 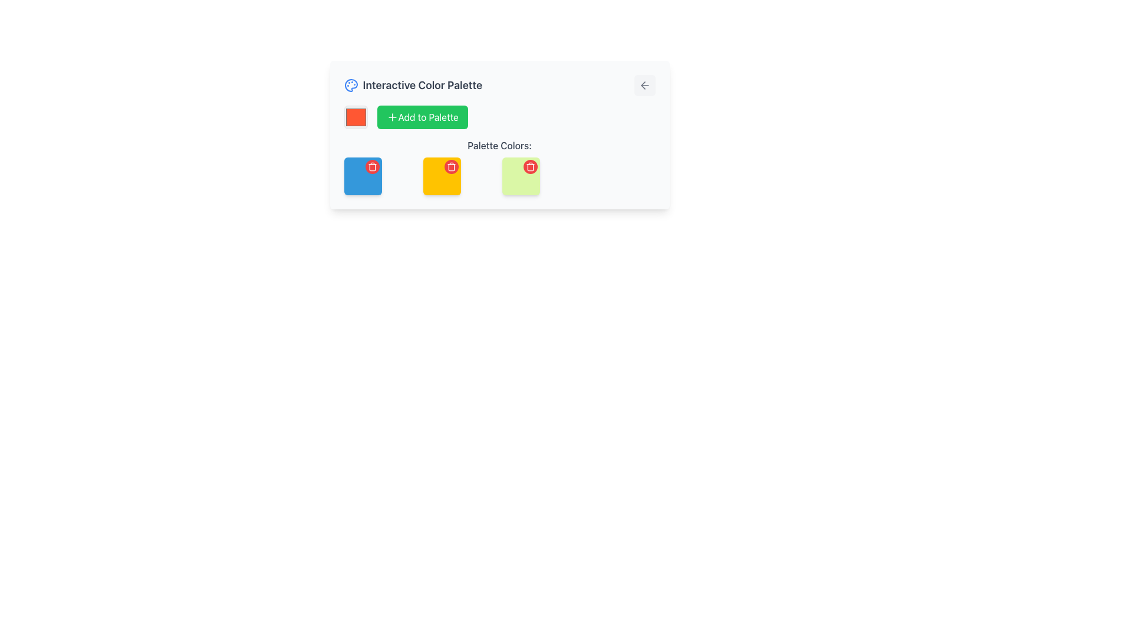 I want to click on the white trash can icon on a red circular background located in the upper-right corner of the palette section, so click(x=371, y=166).